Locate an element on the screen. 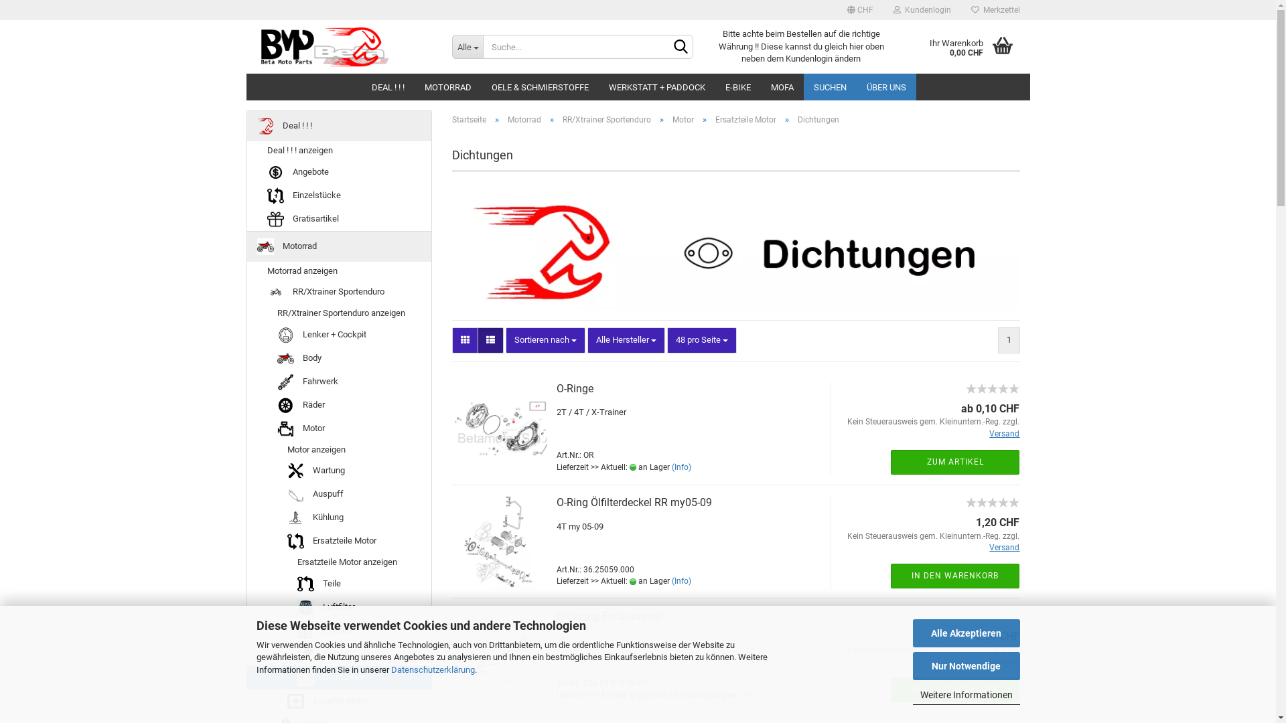 The image size is (1286, 723). ' Merkzettel' is located at coordinates (995, 10).